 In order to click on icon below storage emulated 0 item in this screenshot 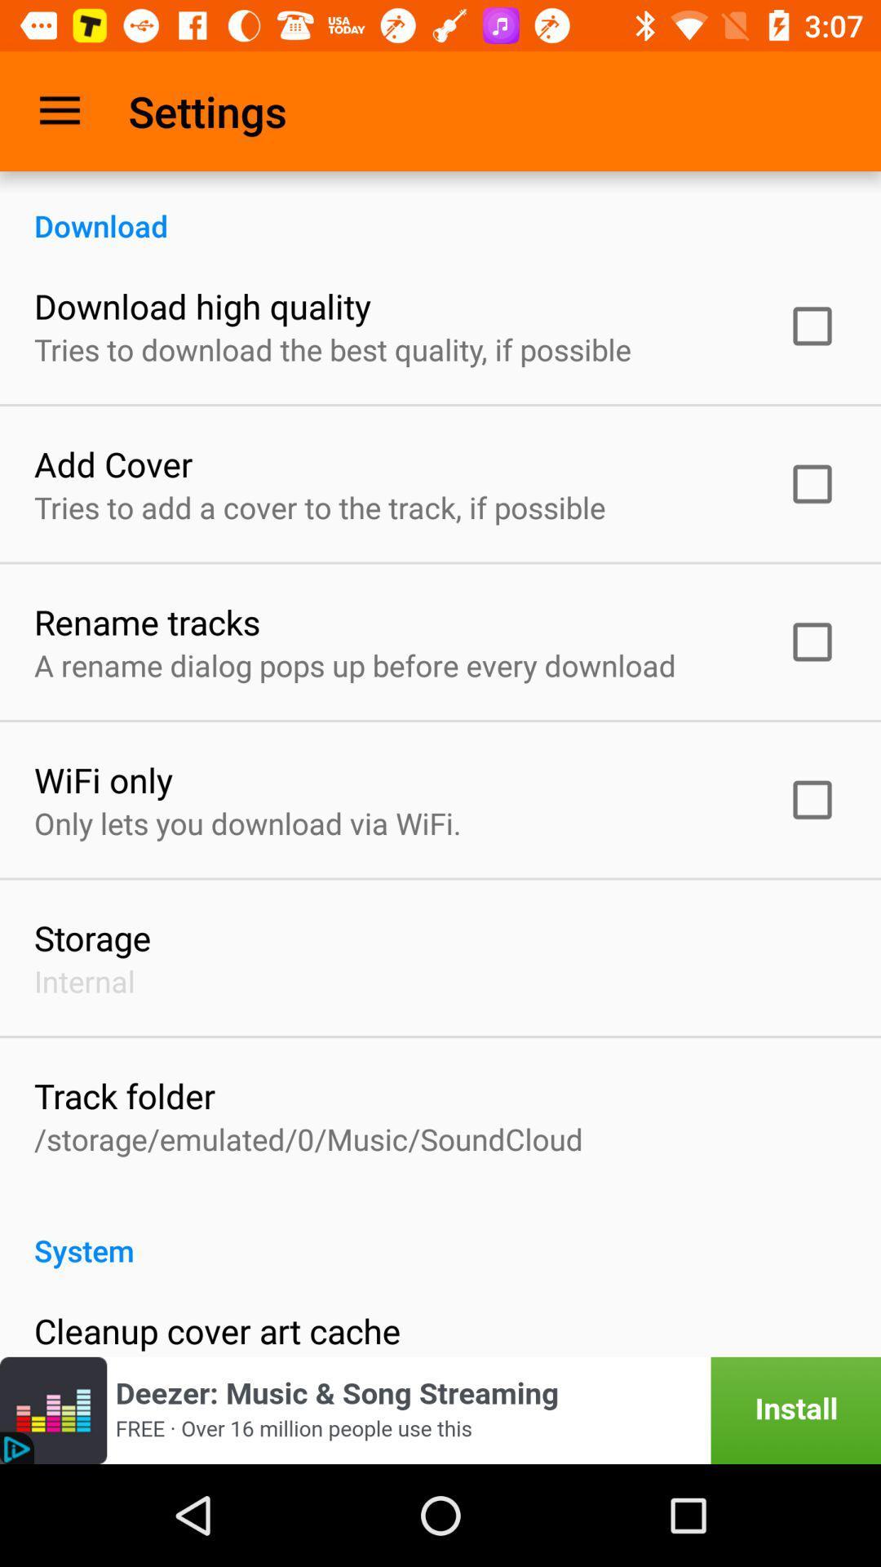, I will do `click(440, 1233)`.